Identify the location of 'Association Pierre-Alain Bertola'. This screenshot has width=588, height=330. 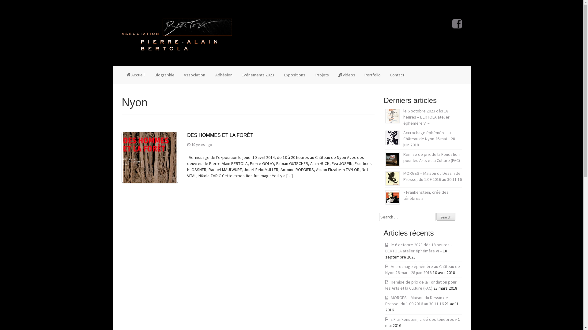
(176, 33).